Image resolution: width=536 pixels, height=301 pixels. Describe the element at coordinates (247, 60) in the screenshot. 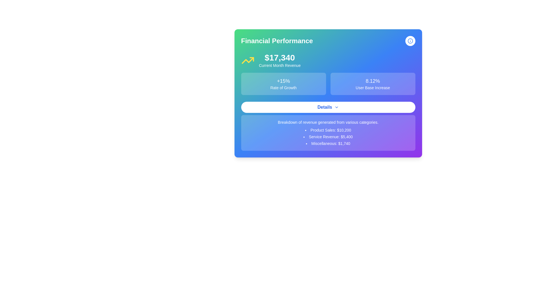

I see `the icon representing positive growth or financial improvement located to the left of the text '$17,340 Current Month Revenue' in the top-left corner of the financial performance panel` at that location.